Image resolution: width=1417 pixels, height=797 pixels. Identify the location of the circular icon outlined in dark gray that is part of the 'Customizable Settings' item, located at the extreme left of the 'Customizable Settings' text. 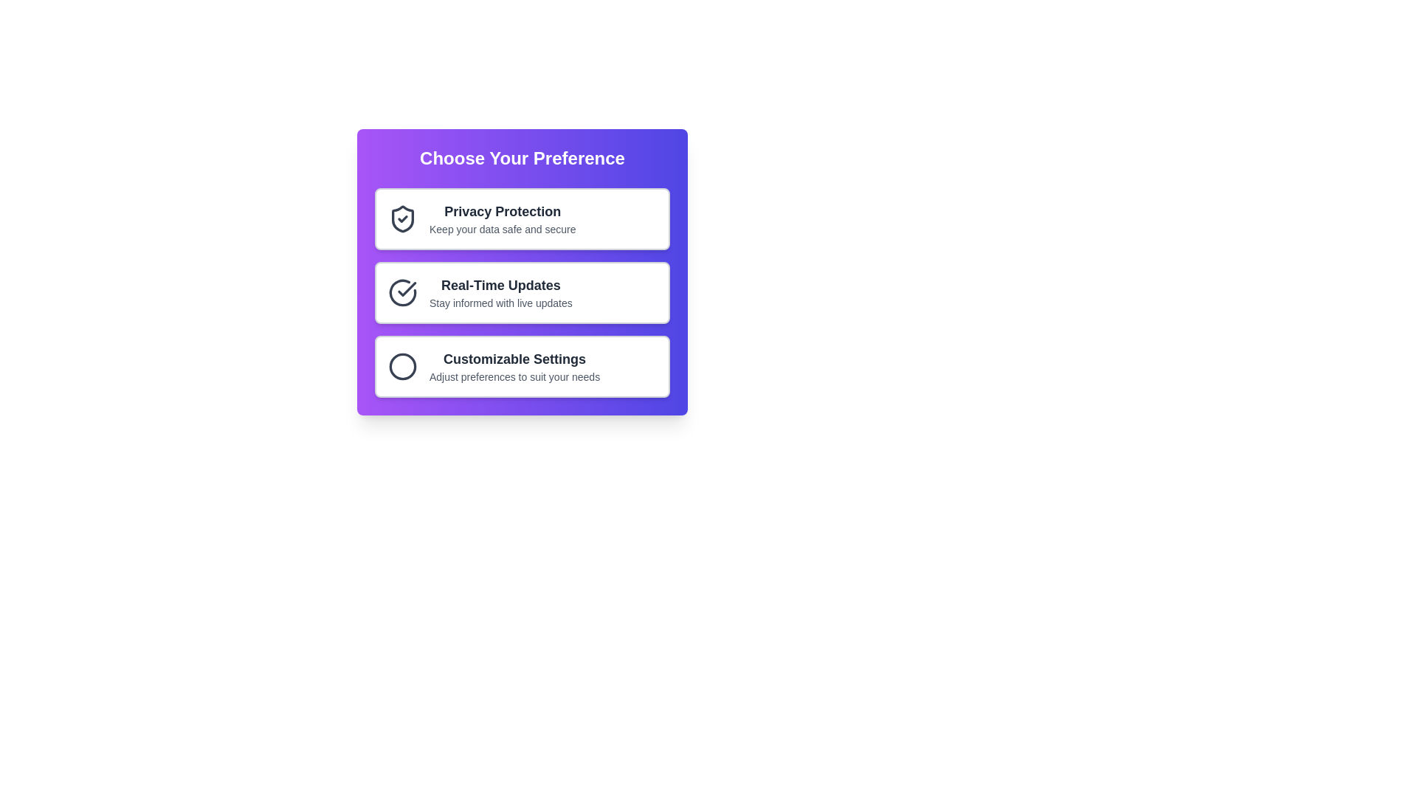
(403, 366).